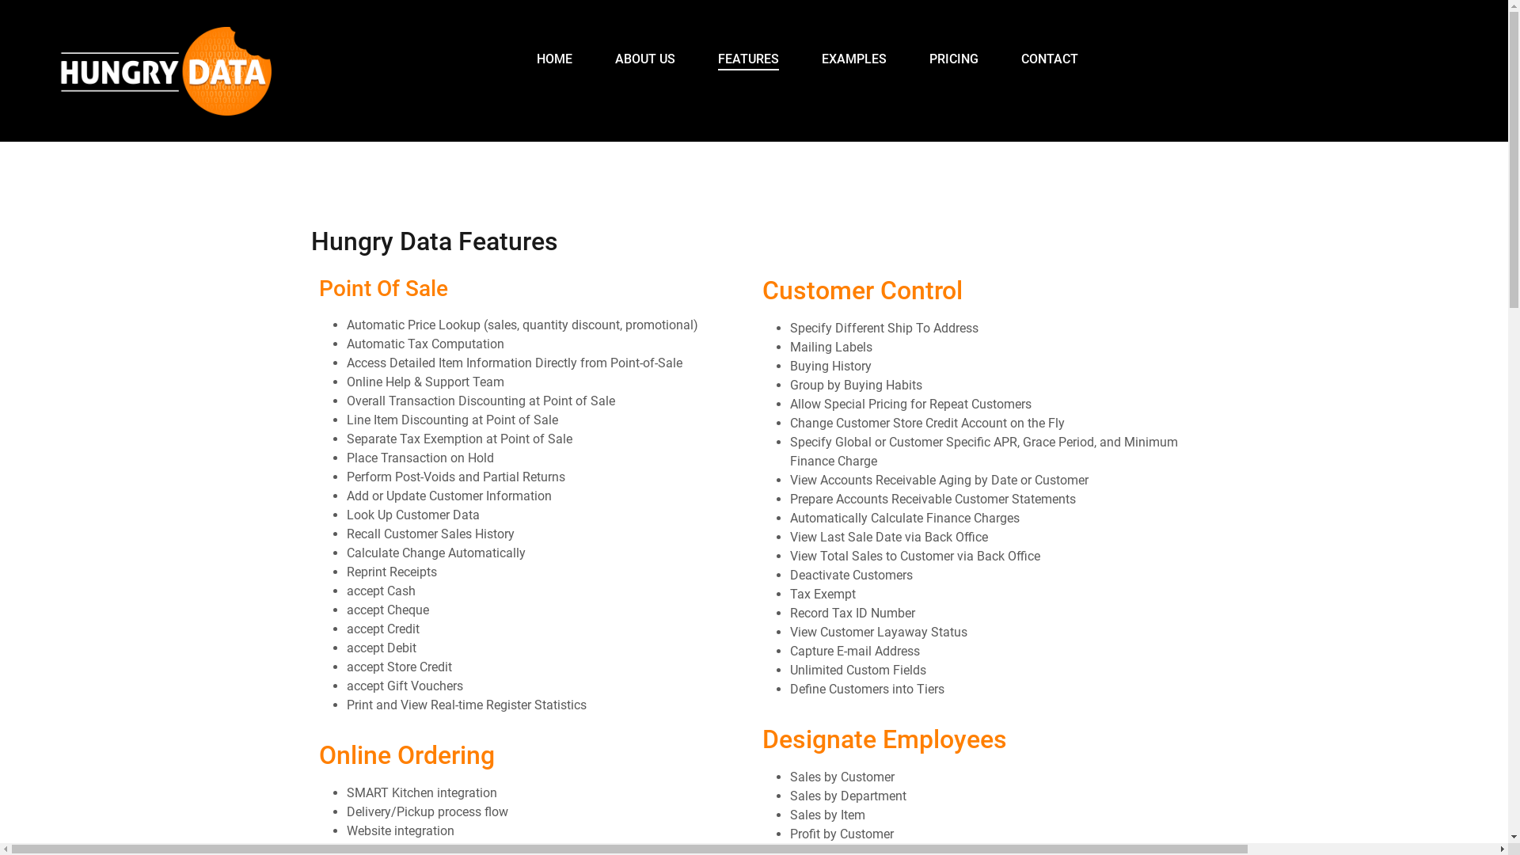 The image size is (1520, 855). What do you see at coordinates (1049, 58) in the screenshot?
I see `'CONTACT'` at bounding box center [1049, 58].